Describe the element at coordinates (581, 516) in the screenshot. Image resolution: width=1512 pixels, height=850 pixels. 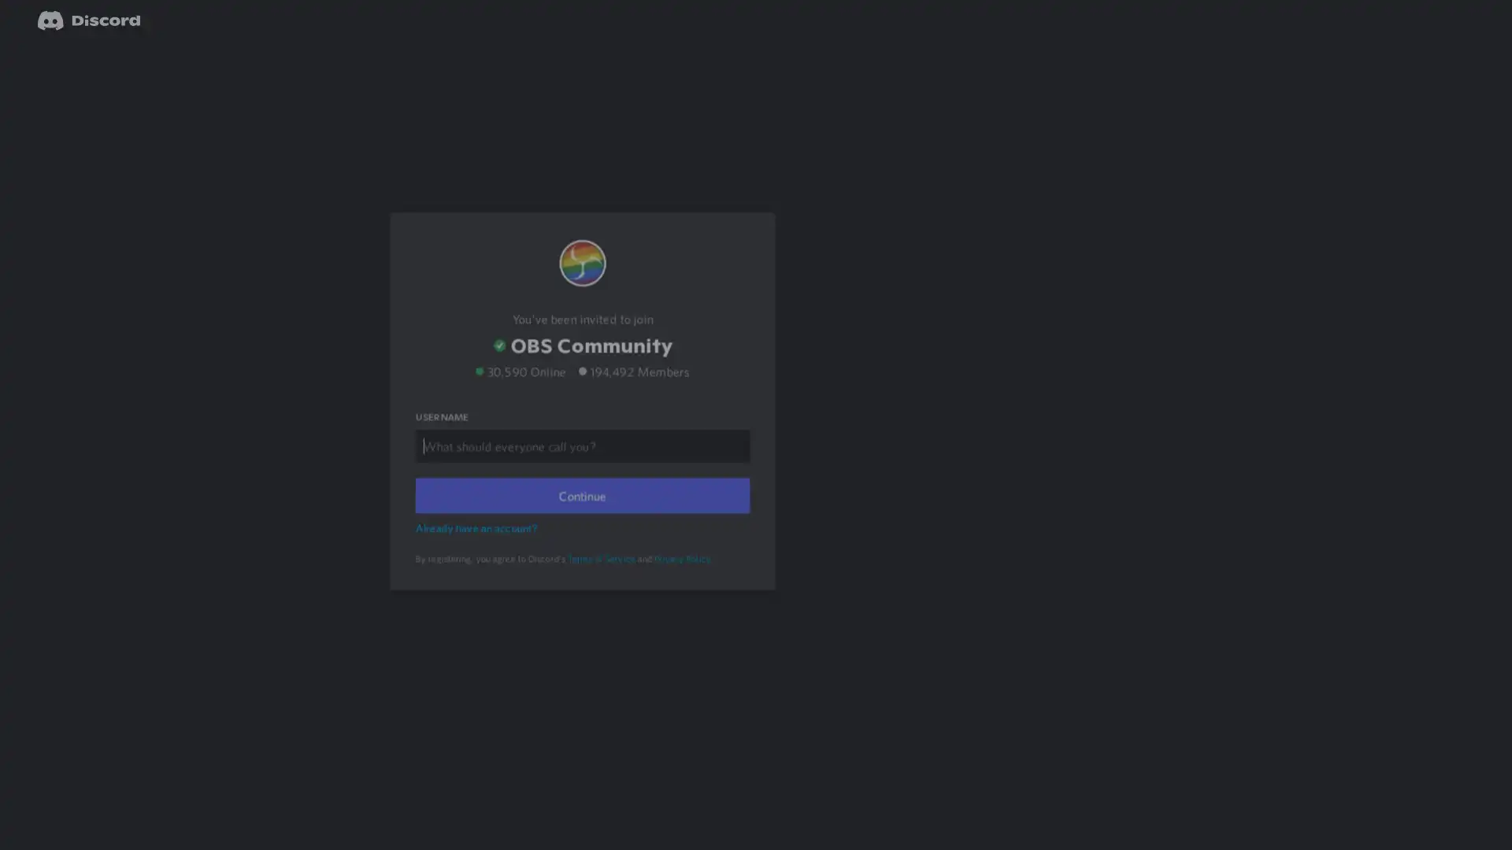
I see `Continue` at that location.